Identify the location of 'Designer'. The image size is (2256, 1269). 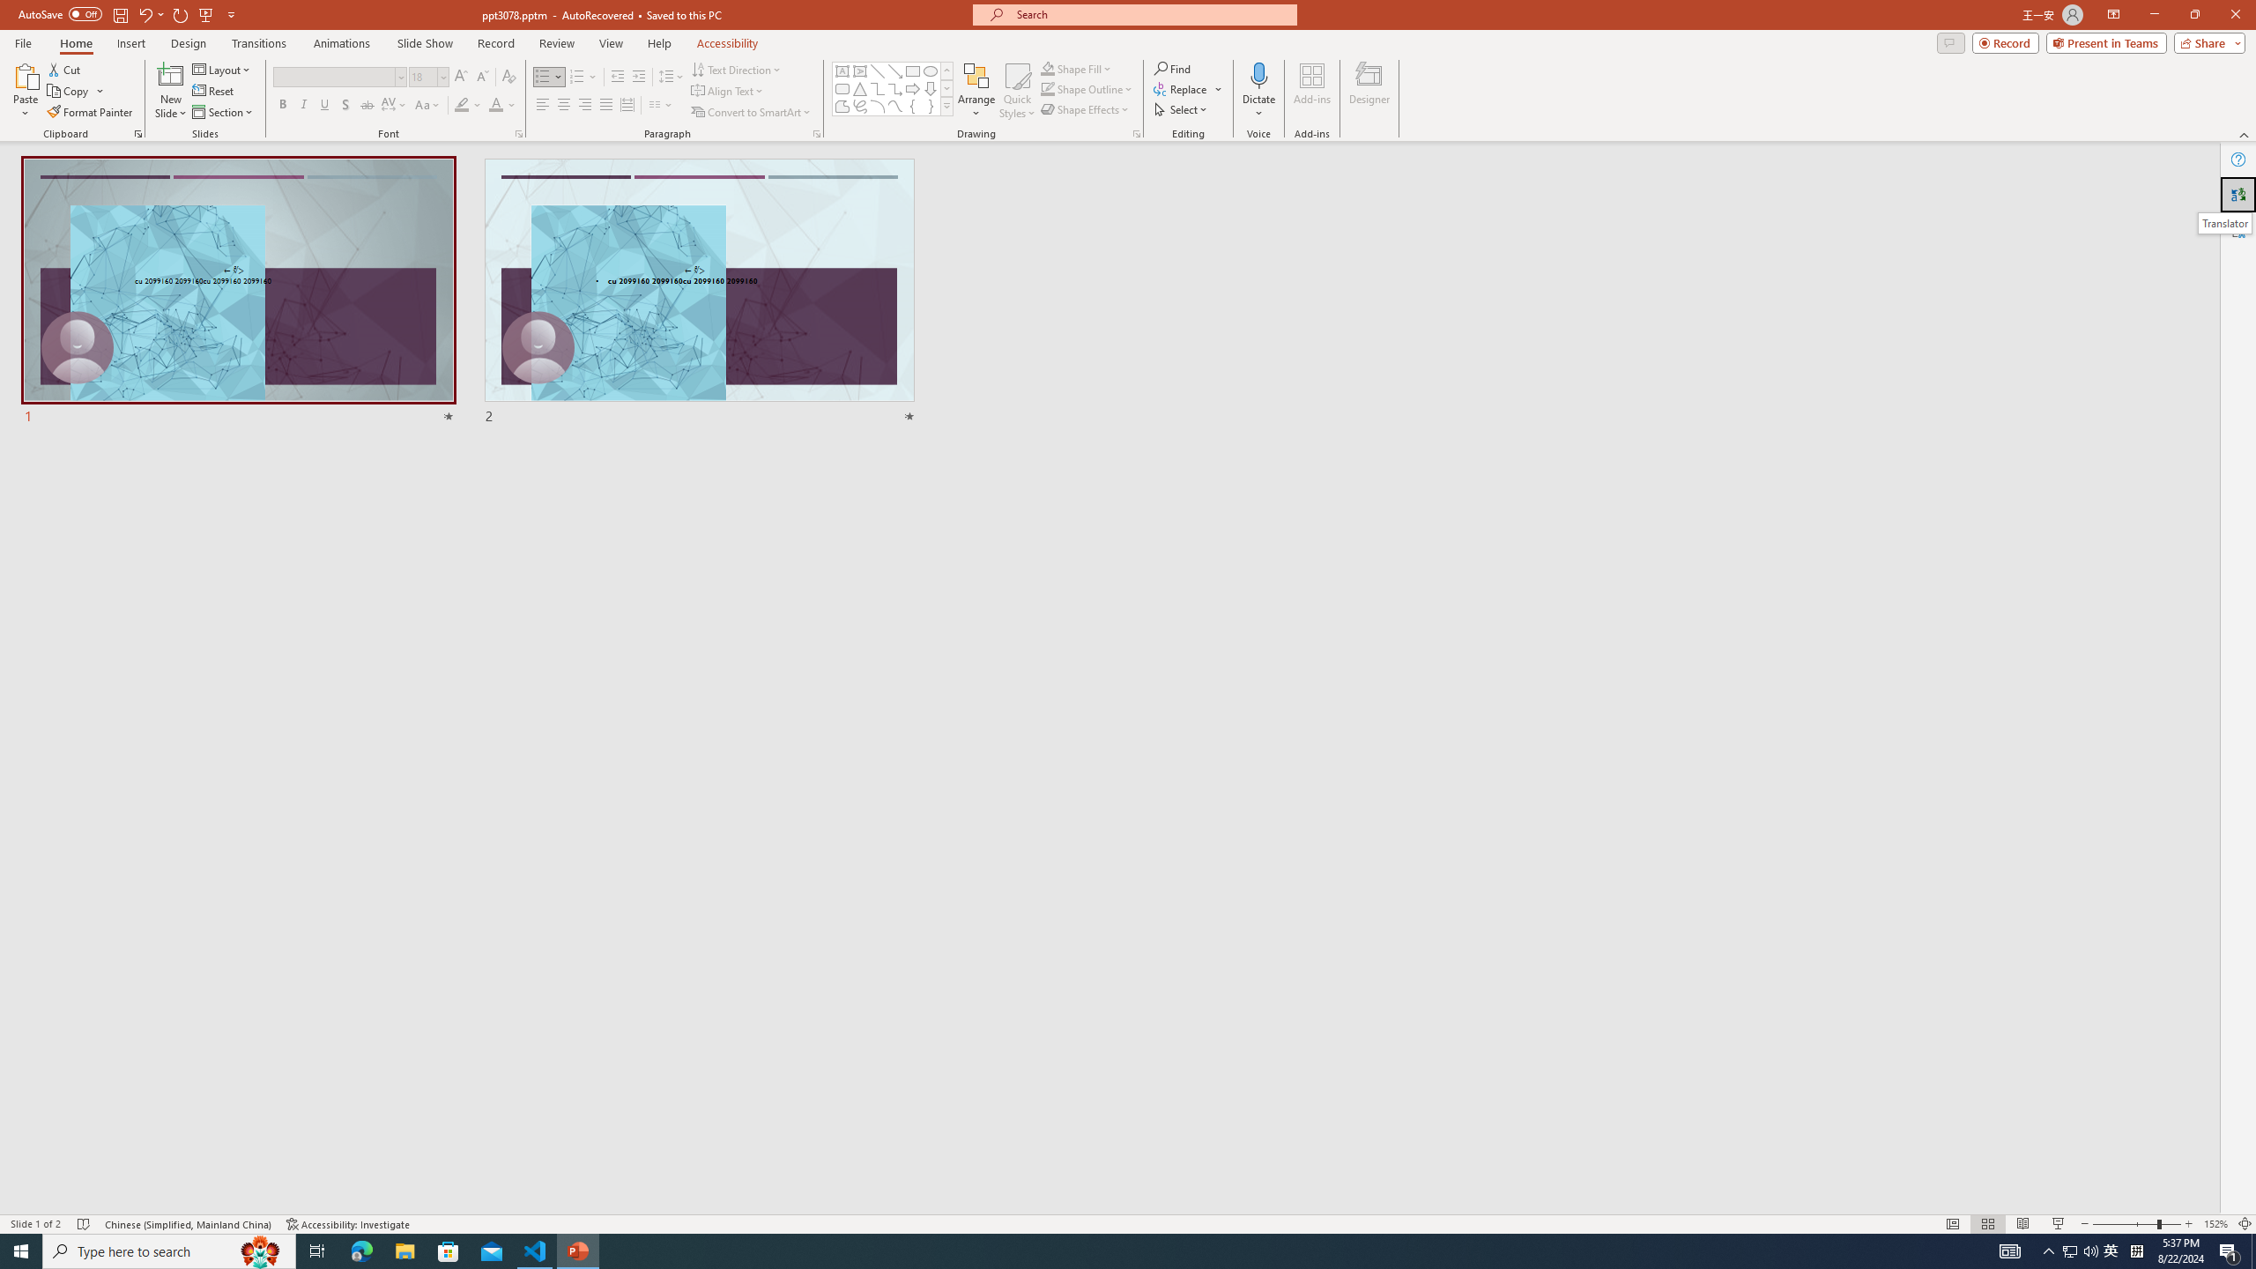
(1369, 91).